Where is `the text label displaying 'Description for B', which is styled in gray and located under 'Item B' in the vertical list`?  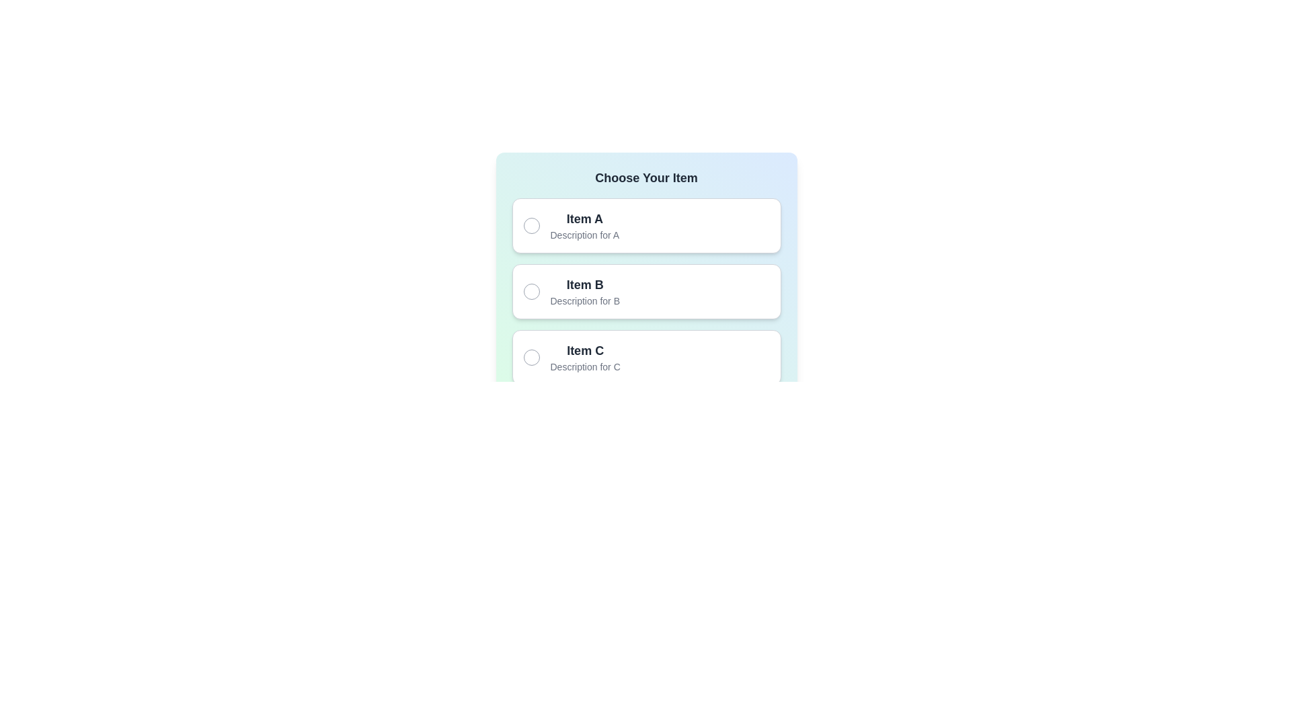 the text label displaying 'Description for B', which is styled in gray and located under 'Item B' in the vertical list is located at coordinates (585, 300).